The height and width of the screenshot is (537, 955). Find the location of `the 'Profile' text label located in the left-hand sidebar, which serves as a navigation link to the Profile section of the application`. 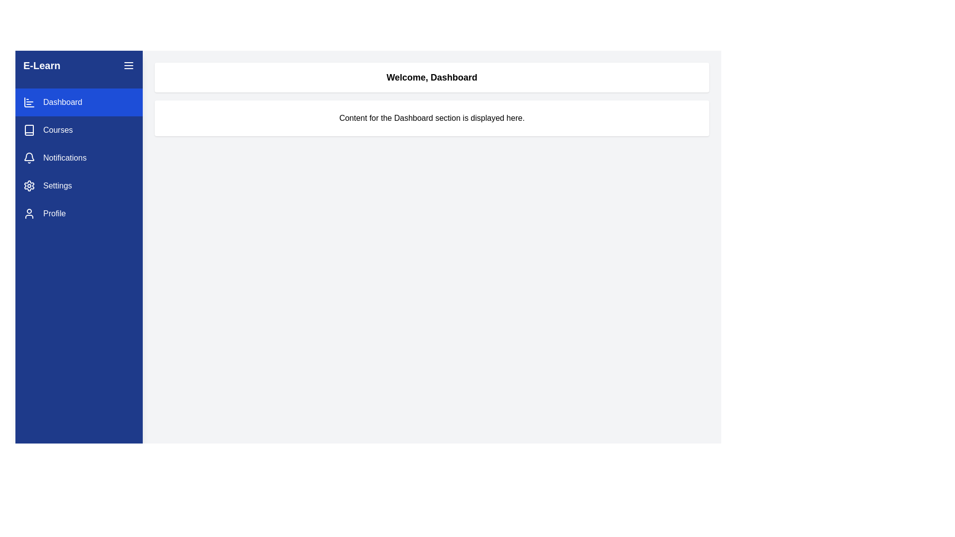

the 'Profile' text label located in the left-hand sidebar, which serves as a navigation link to the Profile section of the application is located at coordinates (54, 213).